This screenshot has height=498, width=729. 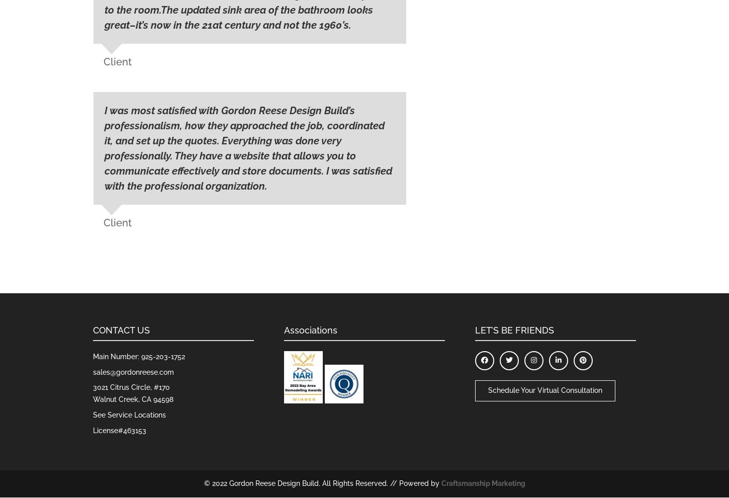 I want to click on 'Walnut Creek, CA 94598', so click(x=133, y=398).